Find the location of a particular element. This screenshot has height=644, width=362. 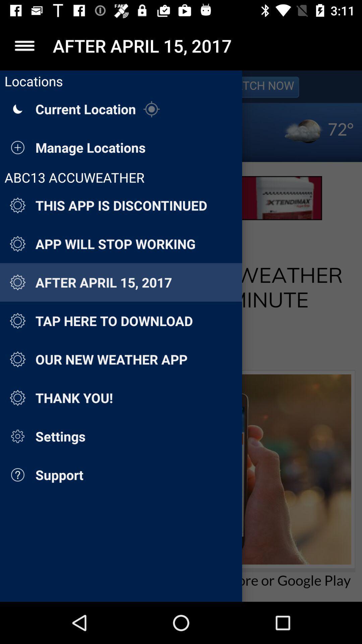

the menu icon is located at coordinates (24, 45).